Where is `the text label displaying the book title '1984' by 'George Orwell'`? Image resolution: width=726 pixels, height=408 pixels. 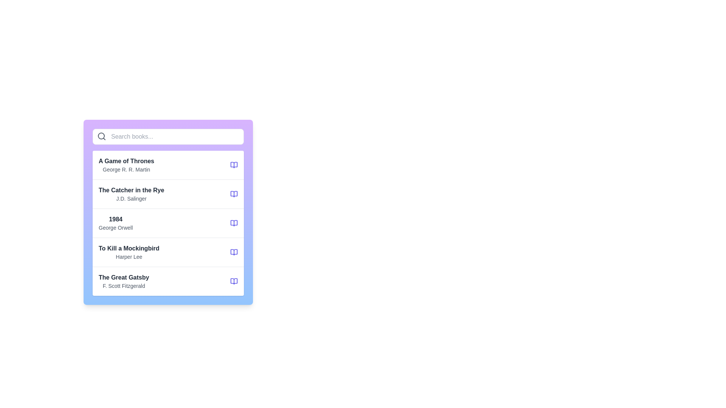
the text label displaying the book title '1984' by 'George Orwell' is located at coordinates (115, 223).